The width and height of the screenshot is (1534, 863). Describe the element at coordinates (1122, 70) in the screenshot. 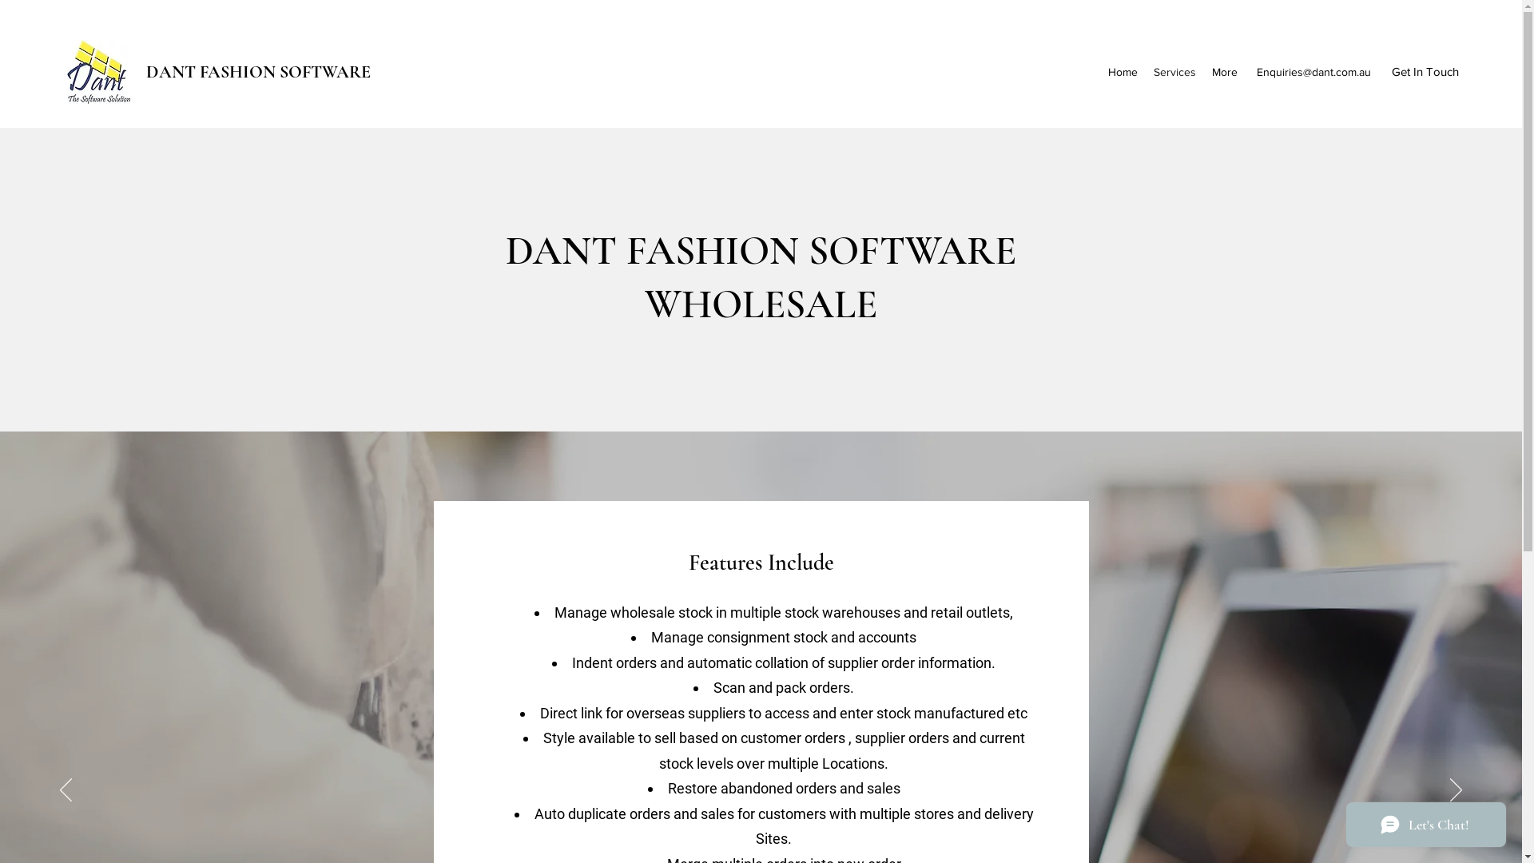

I see `'Home'` at that location.